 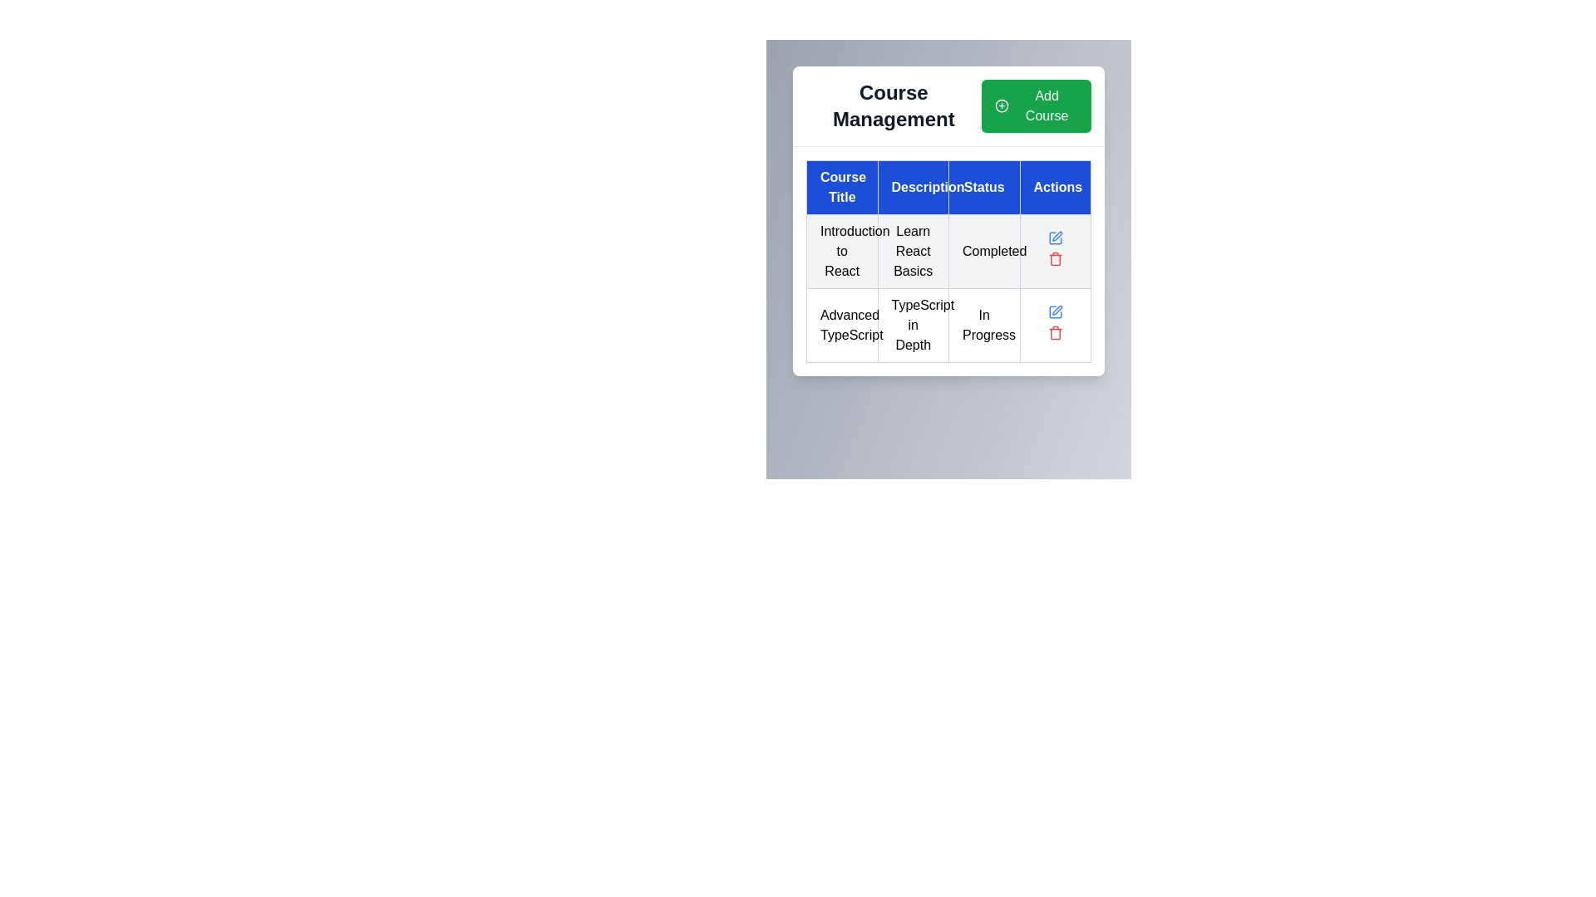 I want to click on the Table Header Cell labeled 'Description', which has a blue background and white text, positioned between 'Course Title' and 'Status' in the header row of the table, so click(x=912, y=187).